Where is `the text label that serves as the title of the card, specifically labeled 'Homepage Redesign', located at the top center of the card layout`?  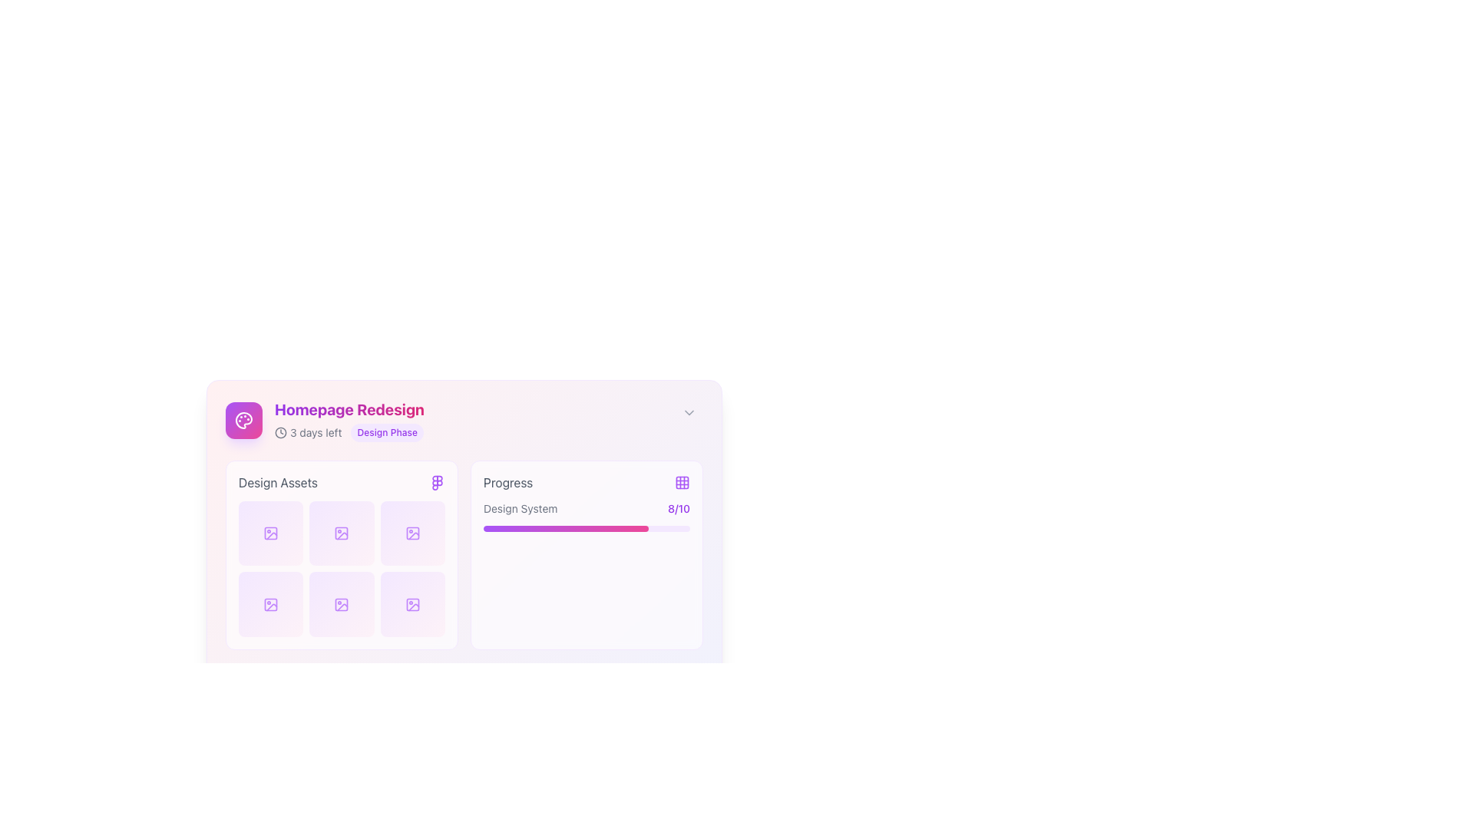
the text label that serves as the title of the card, specifically labeled 'Homepage Redesign', located at the top center of the card layout is located at coordinates (349, 408).